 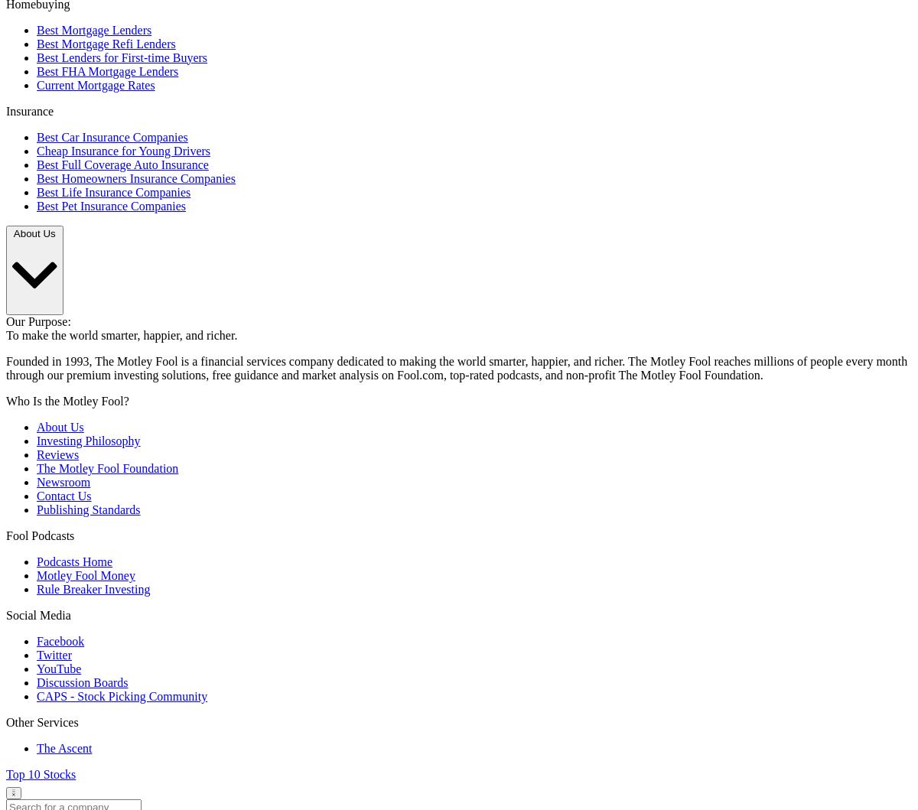 I want to click on 'YouTube', so click(x=59, y=668).